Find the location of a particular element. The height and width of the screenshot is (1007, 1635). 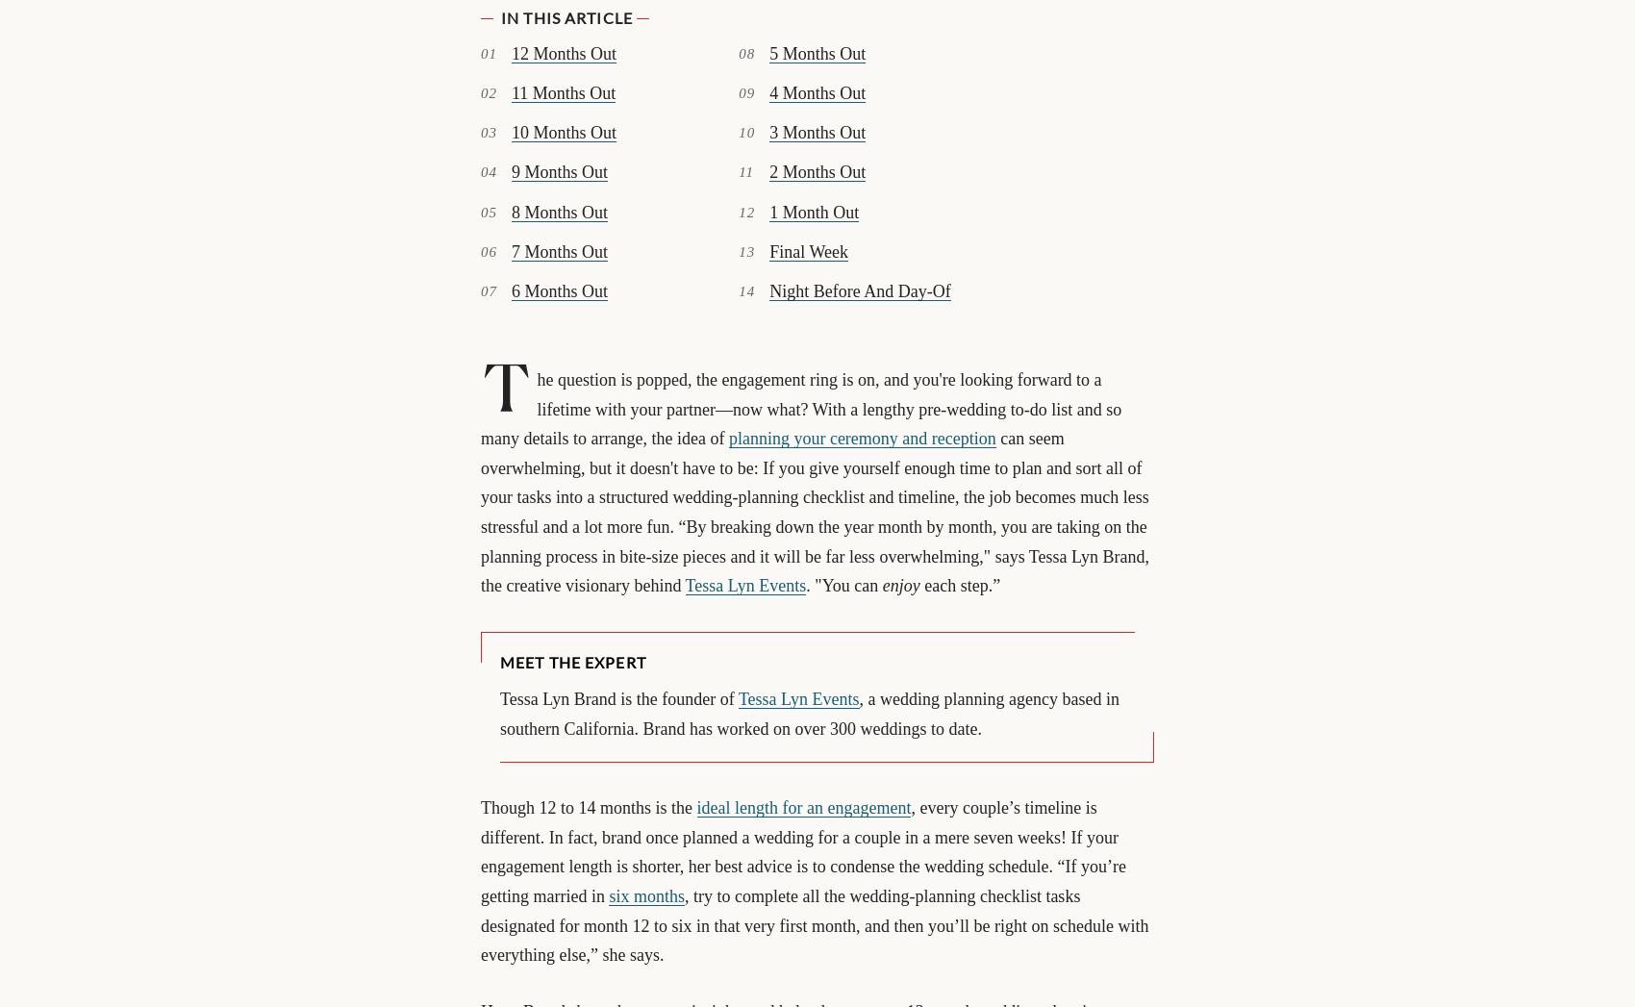

'4 Months Out' is located at coordinates (817, 91).